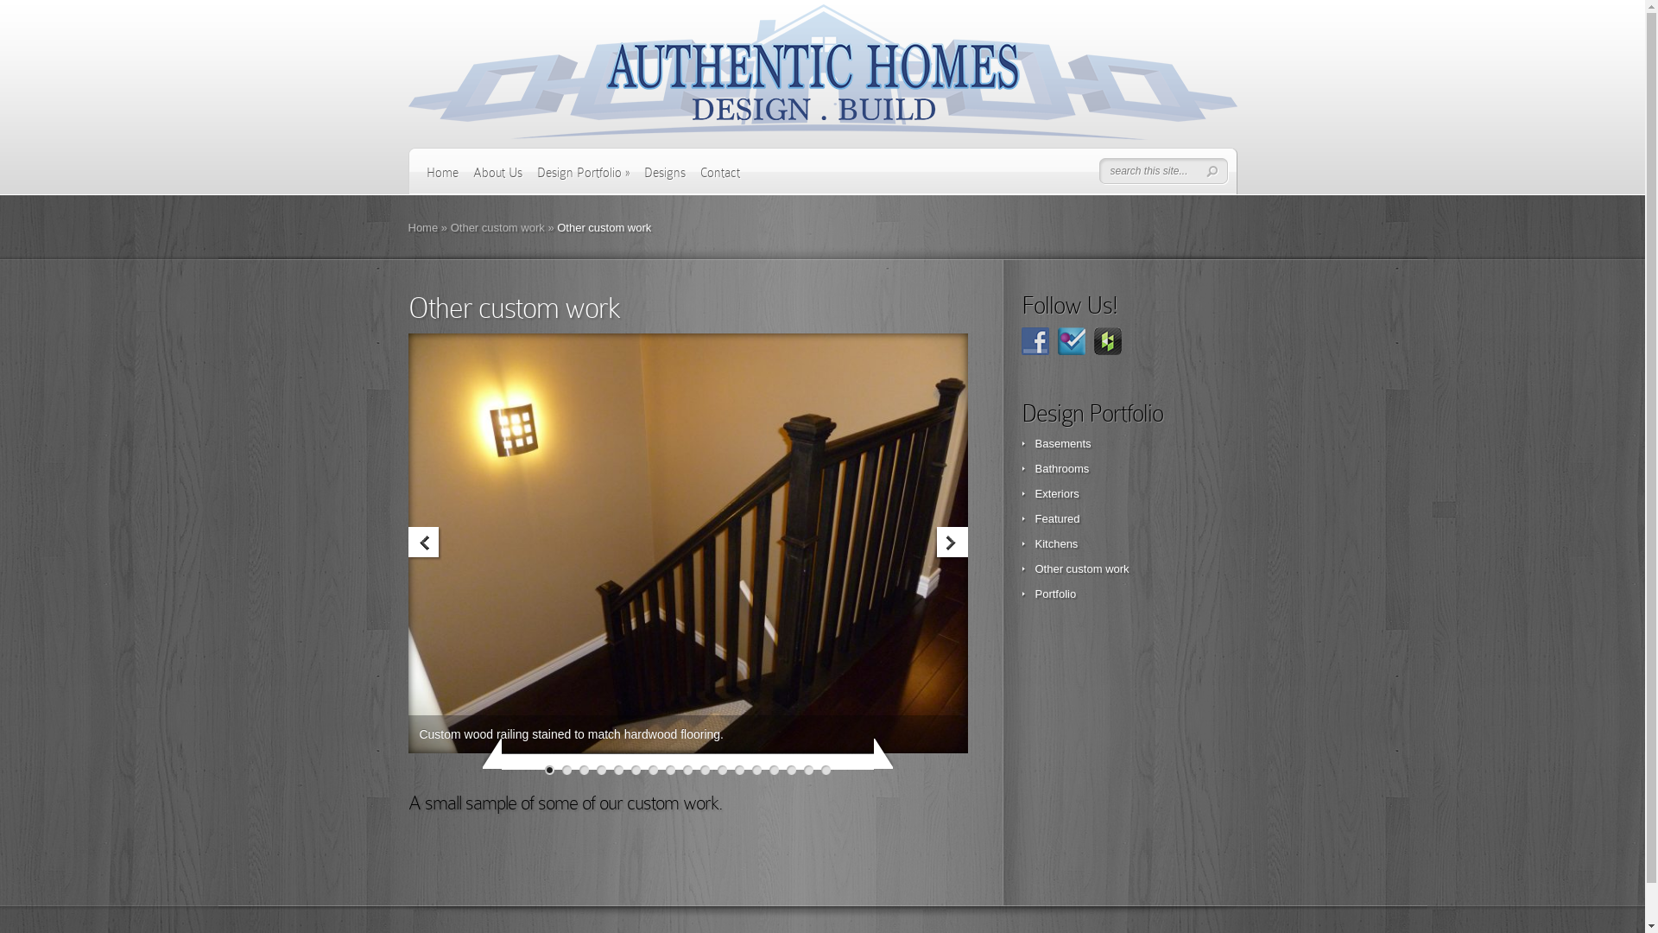 The width and height of the screenshot is (1658, 933). I want to click on 'Next', so click(950, 543).